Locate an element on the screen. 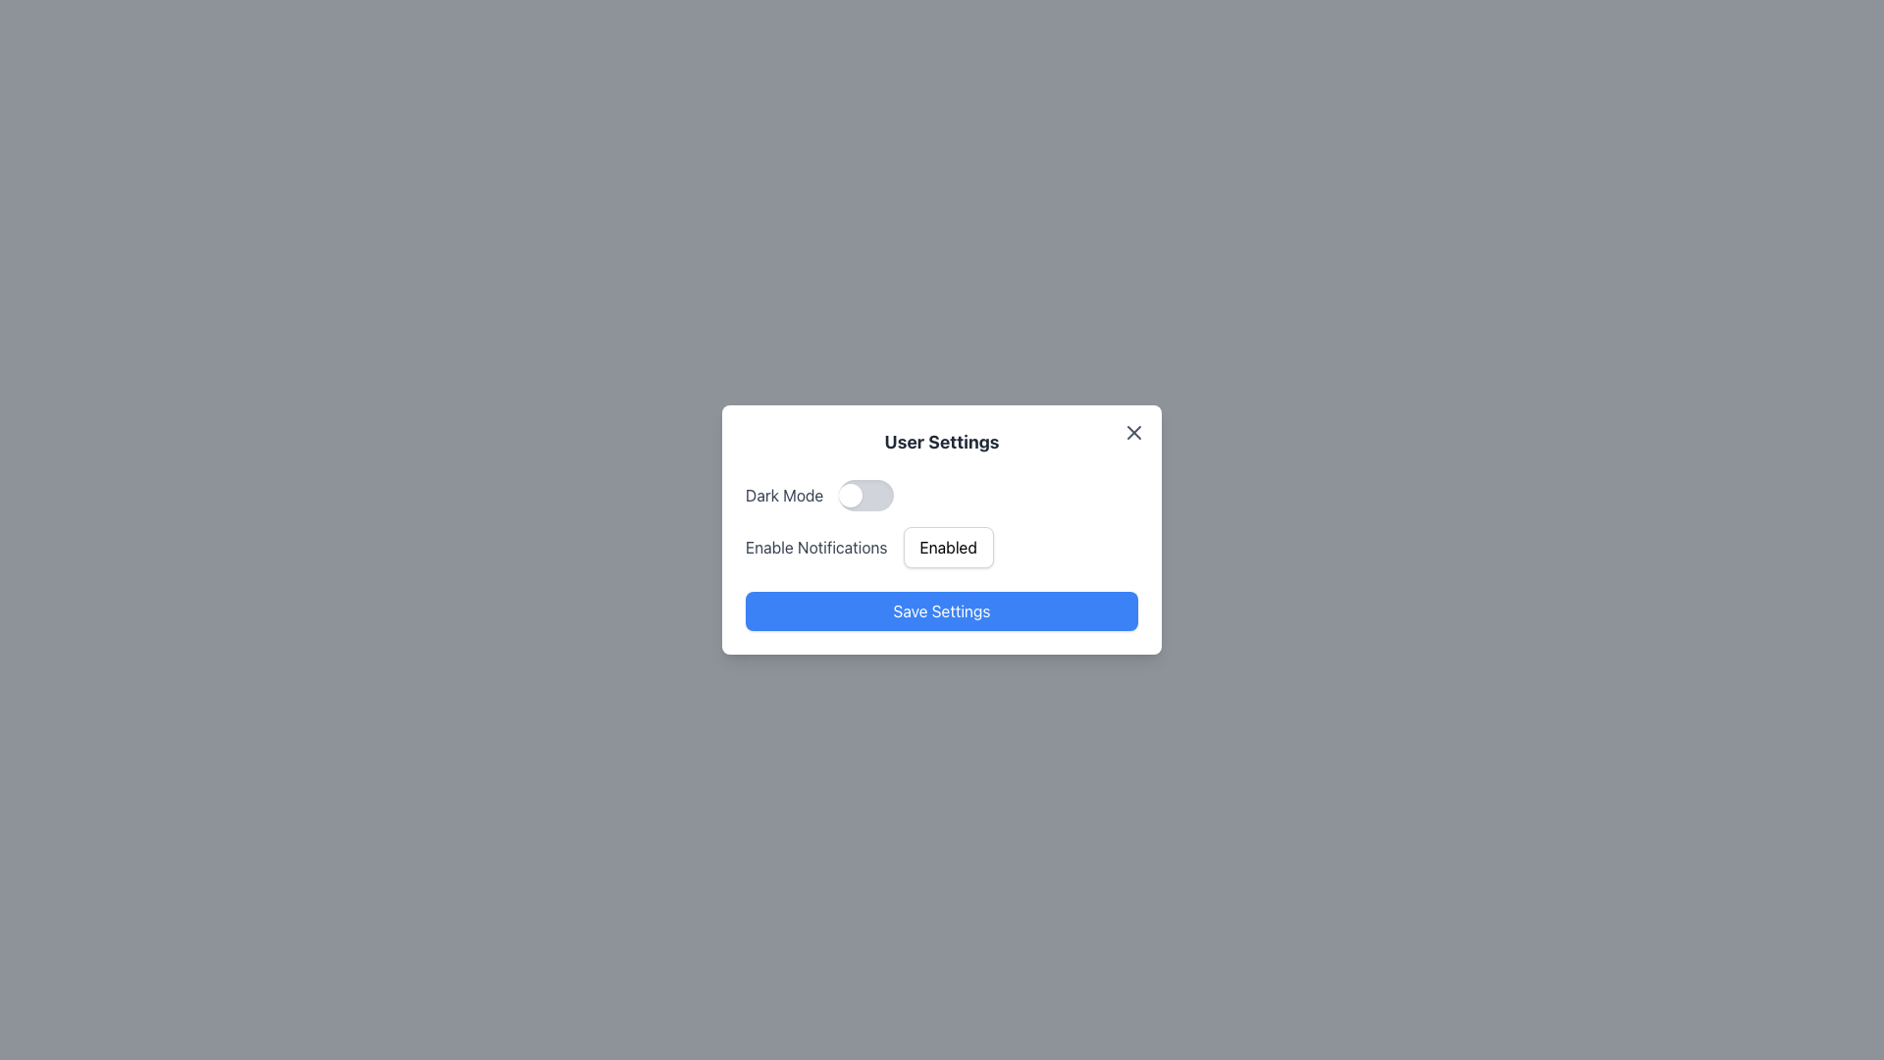 Image resolution: width=1884 pixels, height=1060 pixels. the vibrant blue 'Save Settings' button with rounded corners located at the bottom of the 'User Settings' dialog box is located at coordinates (942, 610).